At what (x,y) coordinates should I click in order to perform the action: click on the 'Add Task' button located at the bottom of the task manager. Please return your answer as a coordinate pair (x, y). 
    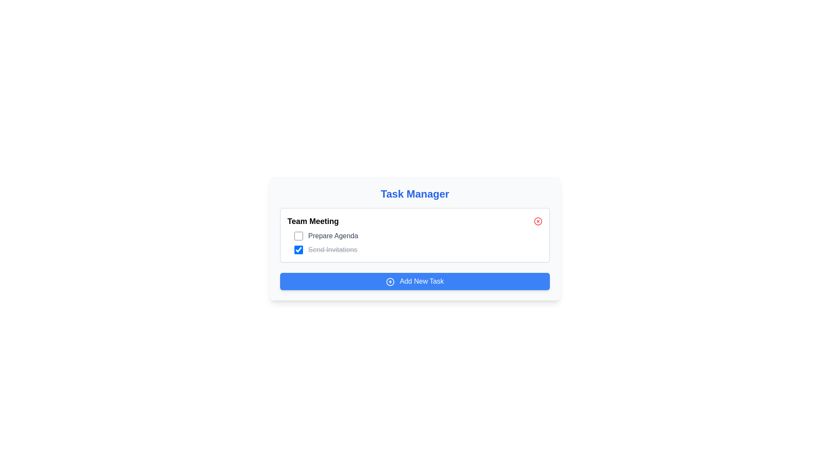
    Looking at the image, I should click on (415, 281).